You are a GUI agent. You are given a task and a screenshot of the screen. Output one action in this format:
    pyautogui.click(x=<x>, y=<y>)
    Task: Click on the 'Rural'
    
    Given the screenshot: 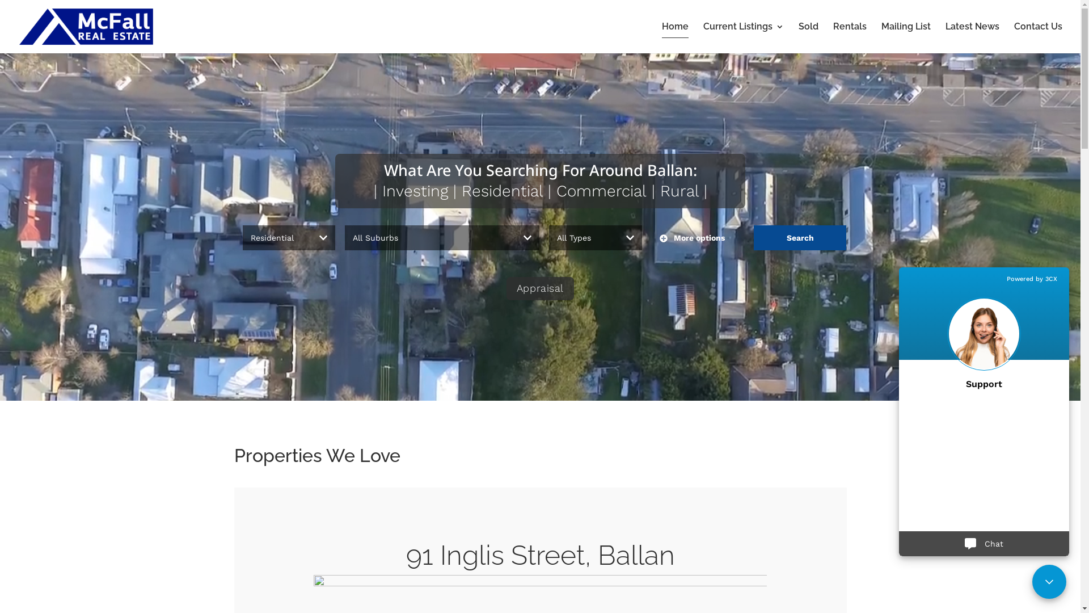 What is the action you would take?
    pyautogui.click(x=679, y=190)
    